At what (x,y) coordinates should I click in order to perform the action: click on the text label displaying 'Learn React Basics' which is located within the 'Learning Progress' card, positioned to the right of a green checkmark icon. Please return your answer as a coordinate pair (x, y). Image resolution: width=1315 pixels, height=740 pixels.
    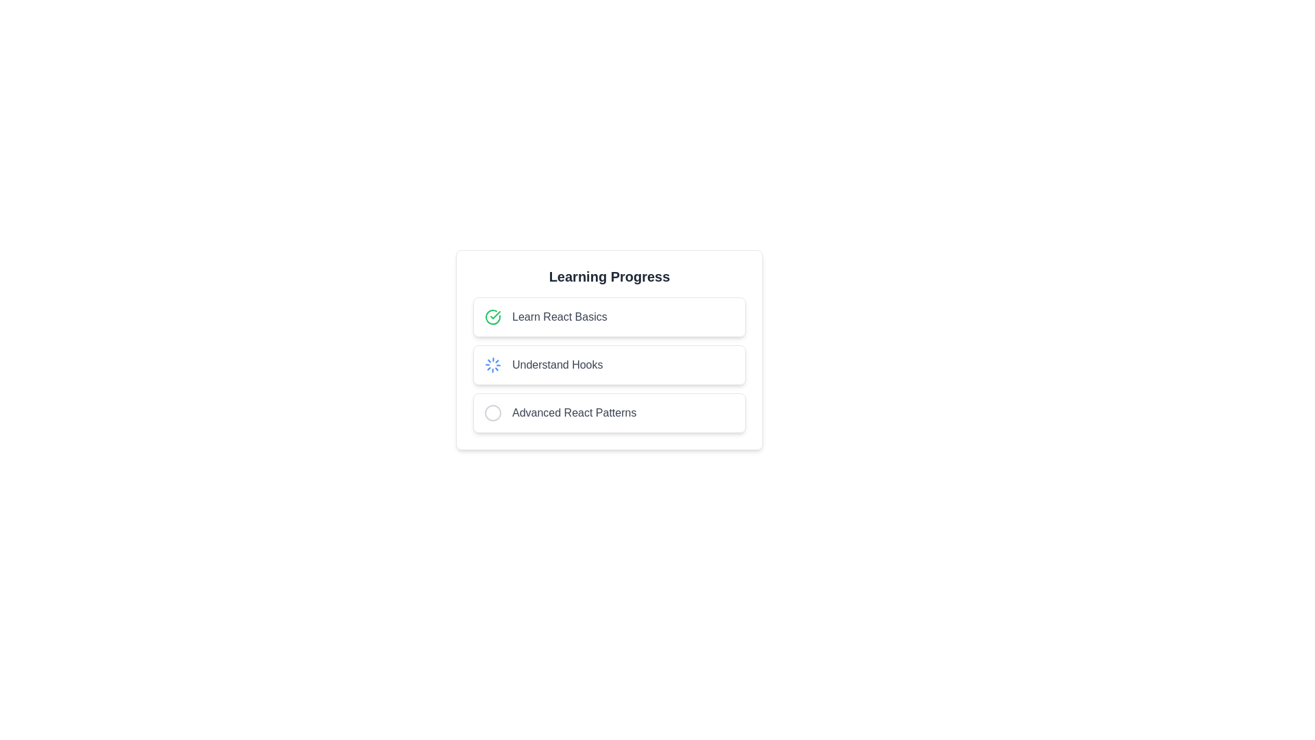
    Looking at the image, I should click on (560, 317).